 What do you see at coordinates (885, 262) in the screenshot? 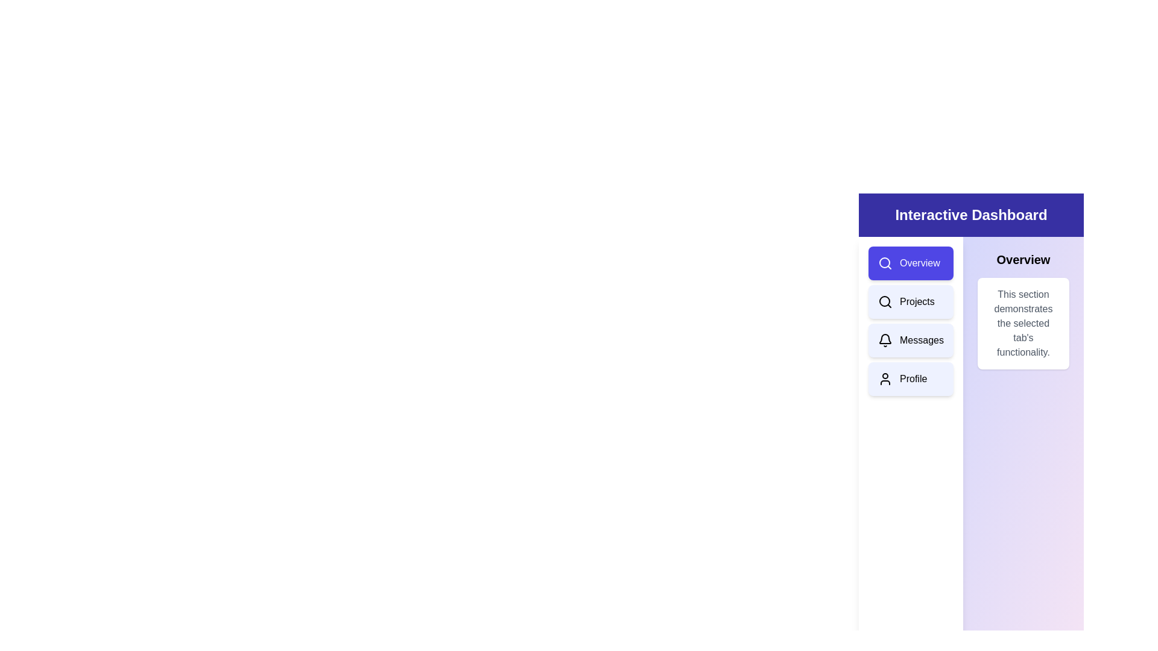
I see `the search icon located in the sidebar menu, which is the first icon in a vertically aligned list of menu items next to the text 'Overview'` at bounding box center [885, 262].